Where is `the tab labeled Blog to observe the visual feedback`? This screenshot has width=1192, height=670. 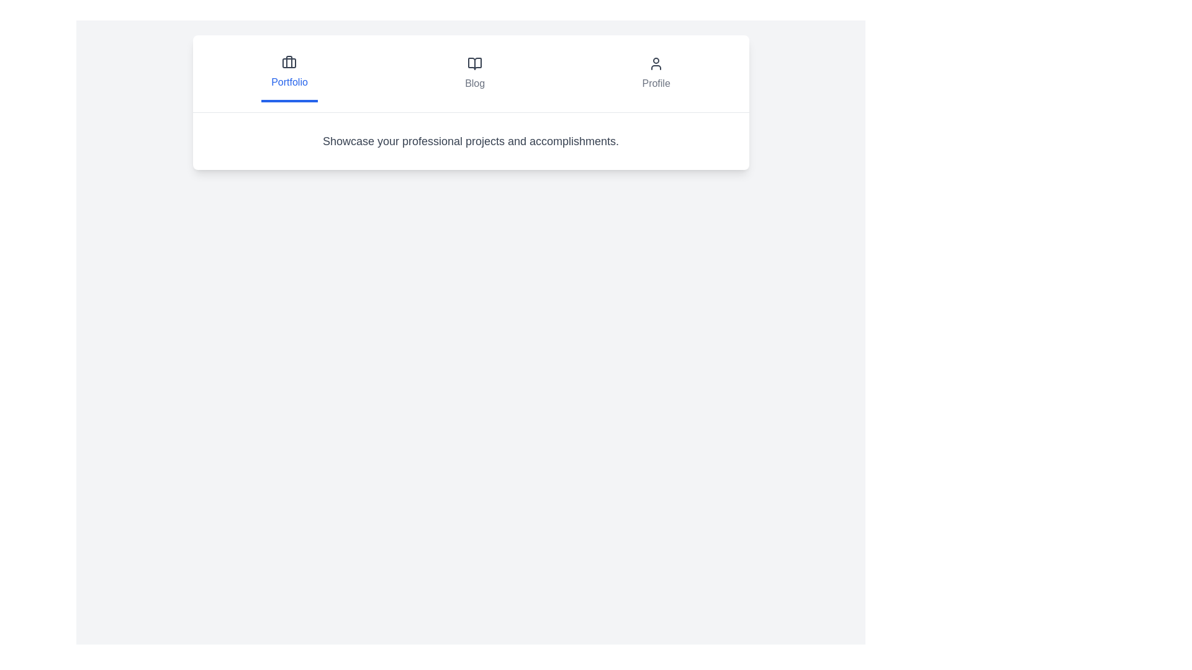
the tab labeled Blog to observe the visual feedback is located at coordinates (474, 74).